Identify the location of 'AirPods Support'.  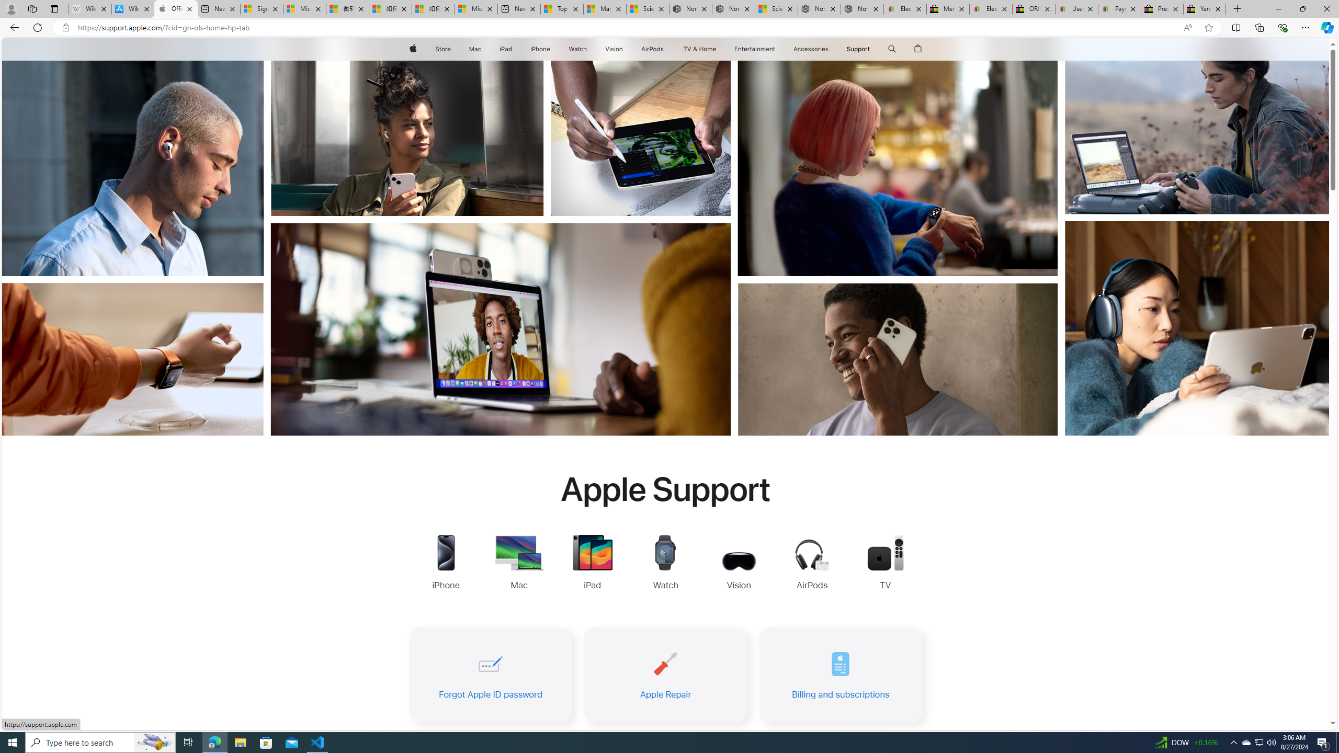
(812, 565).